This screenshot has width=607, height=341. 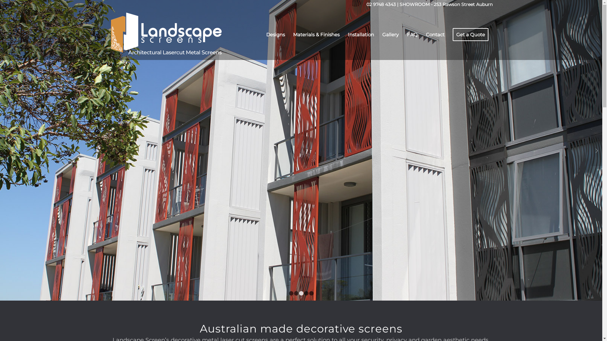 I want to click on 'Designs', so click(x=262, y=35).